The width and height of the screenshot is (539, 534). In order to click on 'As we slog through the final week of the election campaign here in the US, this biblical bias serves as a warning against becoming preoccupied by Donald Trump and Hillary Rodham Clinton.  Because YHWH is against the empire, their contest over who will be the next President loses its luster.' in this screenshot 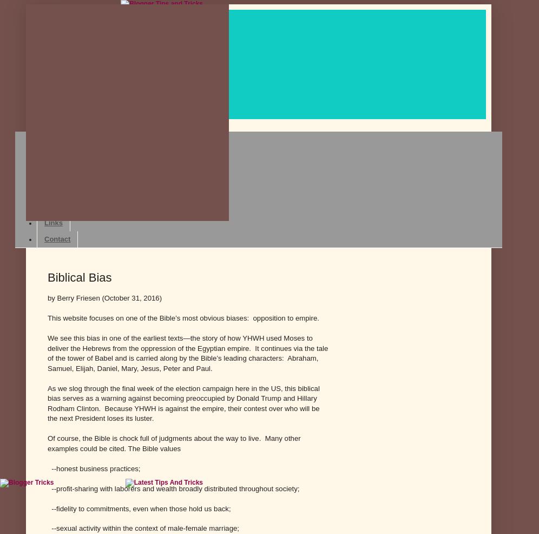, I will do `click(48, 403)`.